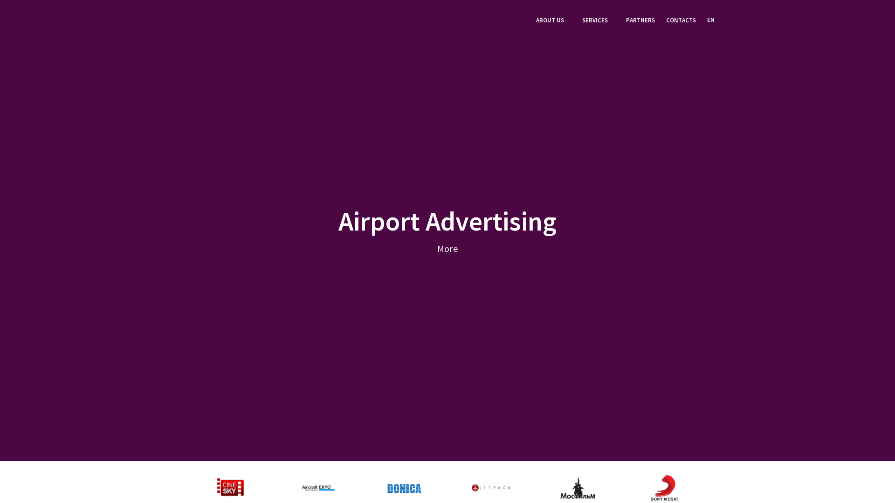  What do you see at coordinates (640, 21) in the screenshot?
I see `'PARTNERS'` at bounding box center [640, 21].